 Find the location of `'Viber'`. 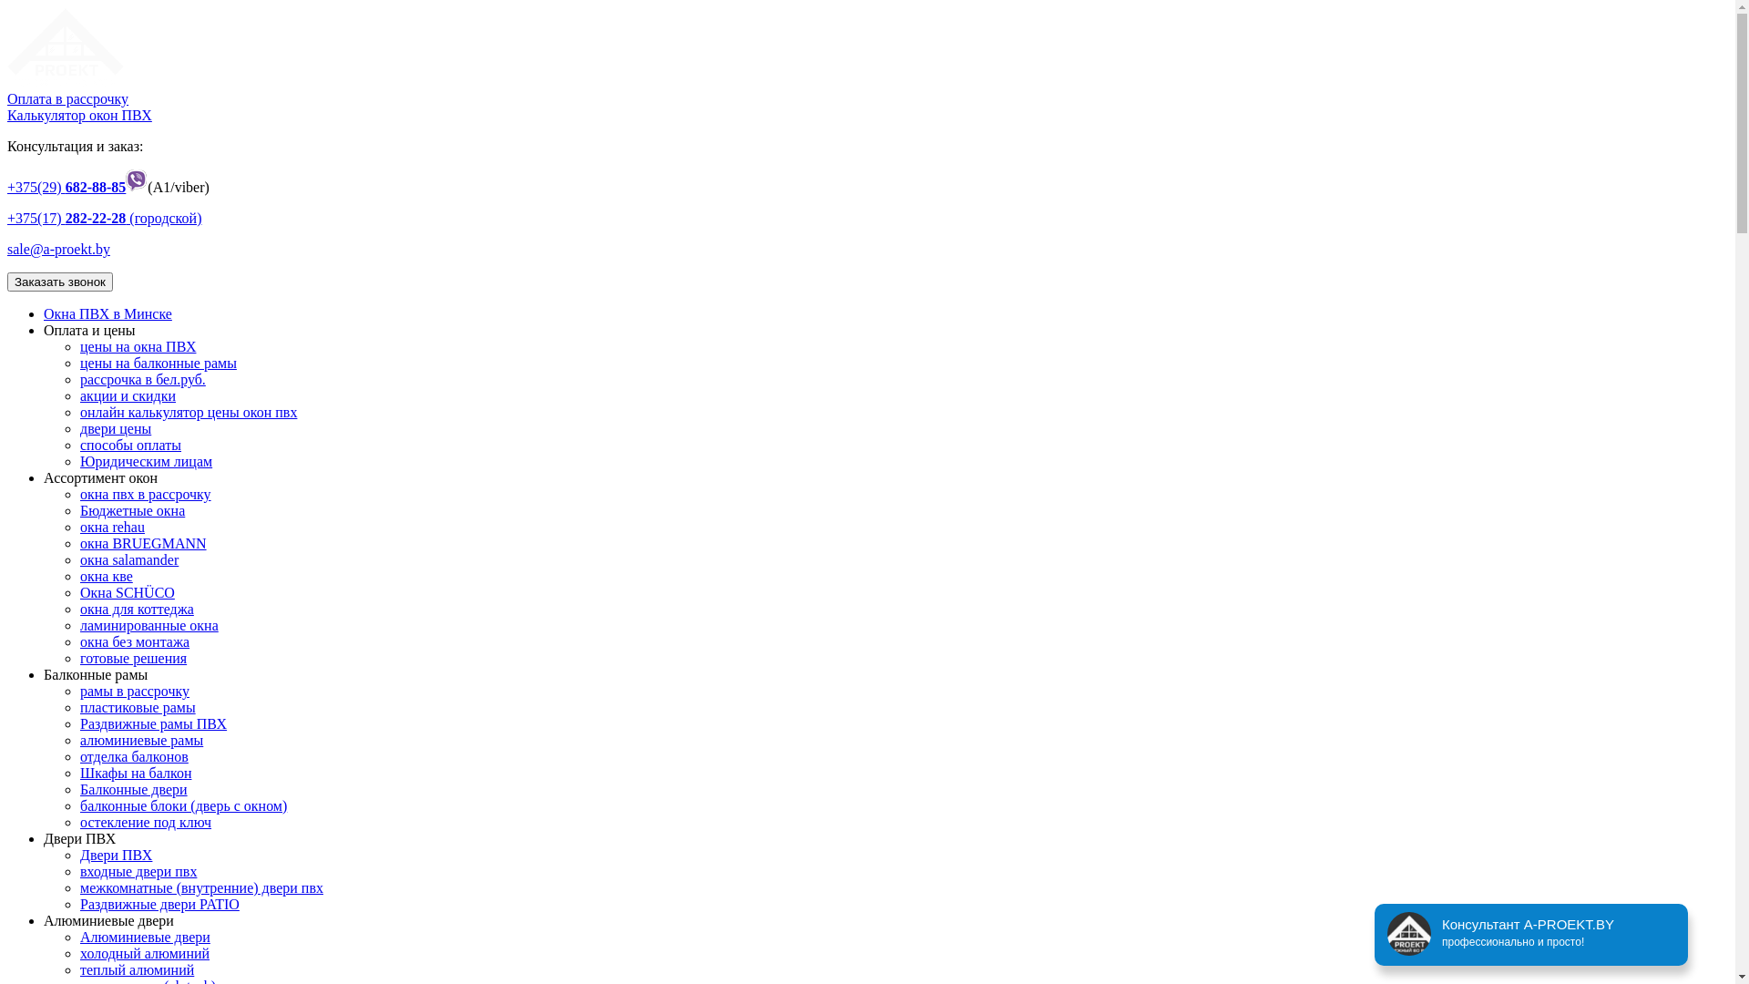

'Viber' is located at coordinates (135, 187).